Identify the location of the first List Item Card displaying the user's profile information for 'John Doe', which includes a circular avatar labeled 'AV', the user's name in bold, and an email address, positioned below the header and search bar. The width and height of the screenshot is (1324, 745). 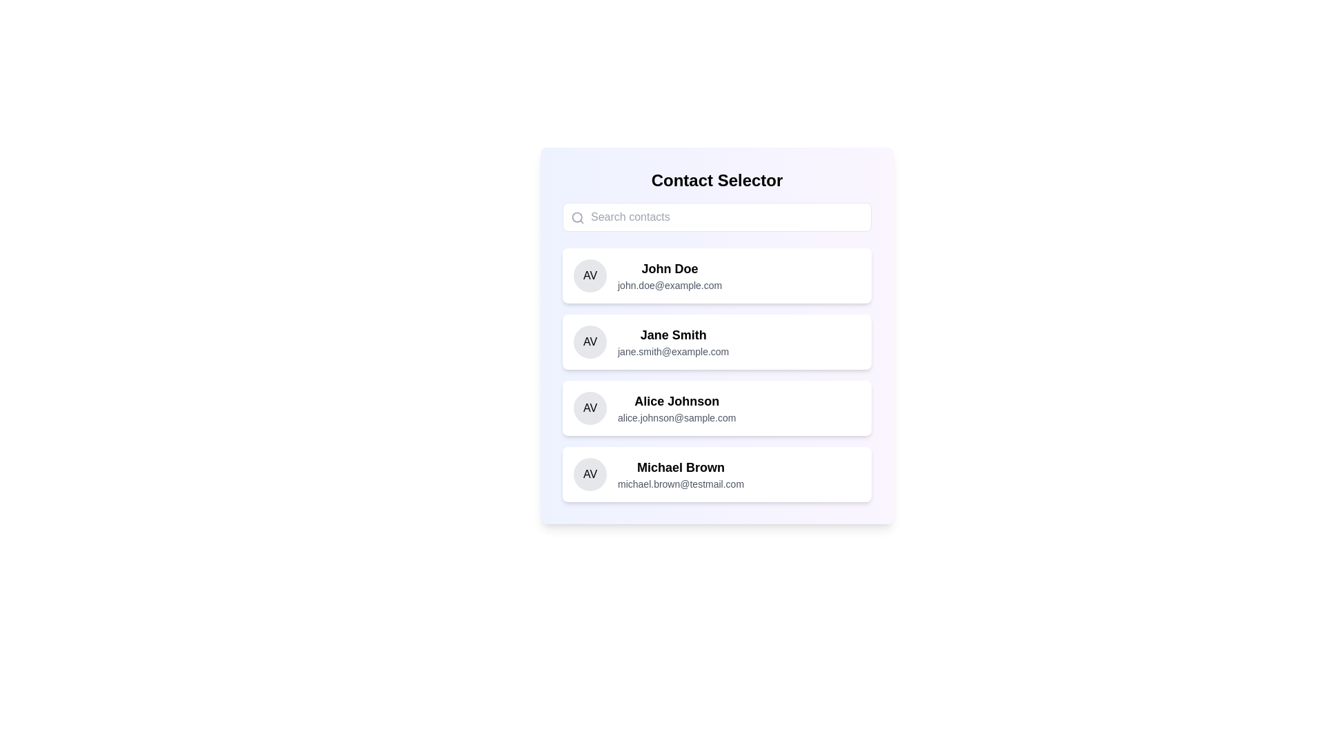
(717, 276).